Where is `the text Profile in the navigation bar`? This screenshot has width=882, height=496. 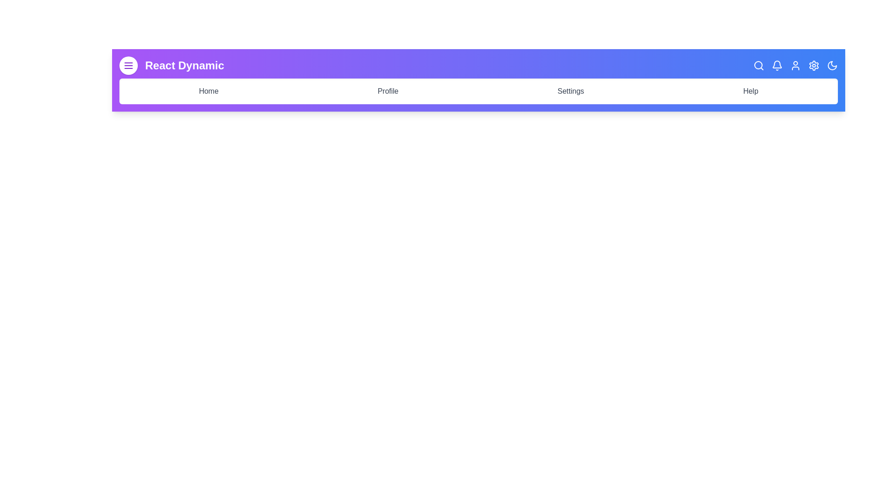
the text Profile in the navigation bar is located at coordinates (388, 91).